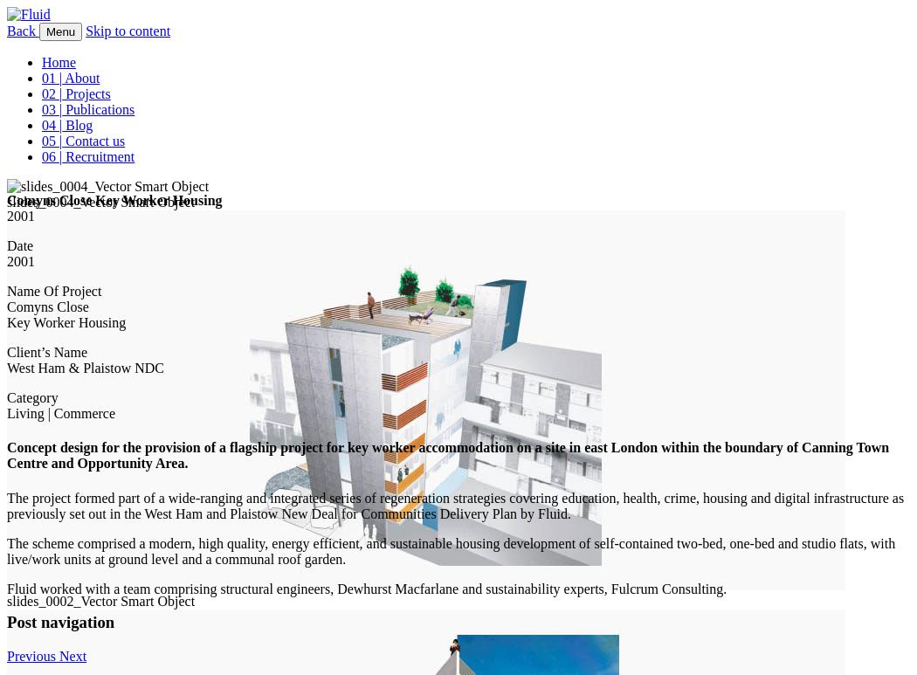 Image resolution: width=917 pixels, height=675 pixels. I want to click on 'Comyns Close', so click(46, 306).